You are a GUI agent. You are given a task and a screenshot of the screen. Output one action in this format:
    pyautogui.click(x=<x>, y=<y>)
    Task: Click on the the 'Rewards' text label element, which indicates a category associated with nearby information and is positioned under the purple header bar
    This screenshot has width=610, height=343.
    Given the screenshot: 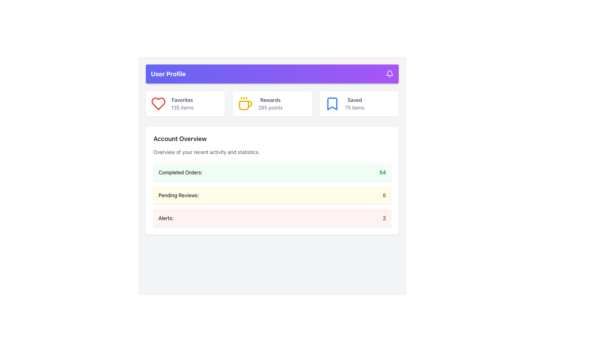 What is the action you would take?
    pyautogui.click(x=270, y=100)
    